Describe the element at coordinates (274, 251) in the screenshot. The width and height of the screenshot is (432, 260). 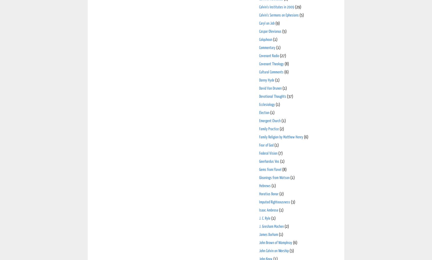
I see `'John Calvin on Worship'` at that location.